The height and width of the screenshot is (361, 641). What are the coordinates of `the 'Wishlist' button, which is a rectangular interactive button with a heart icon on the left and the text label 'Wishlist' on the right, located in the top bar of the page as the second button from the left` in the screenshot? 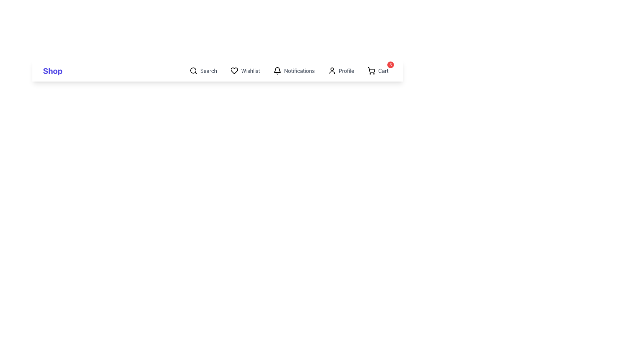 It's located at (245, 71).